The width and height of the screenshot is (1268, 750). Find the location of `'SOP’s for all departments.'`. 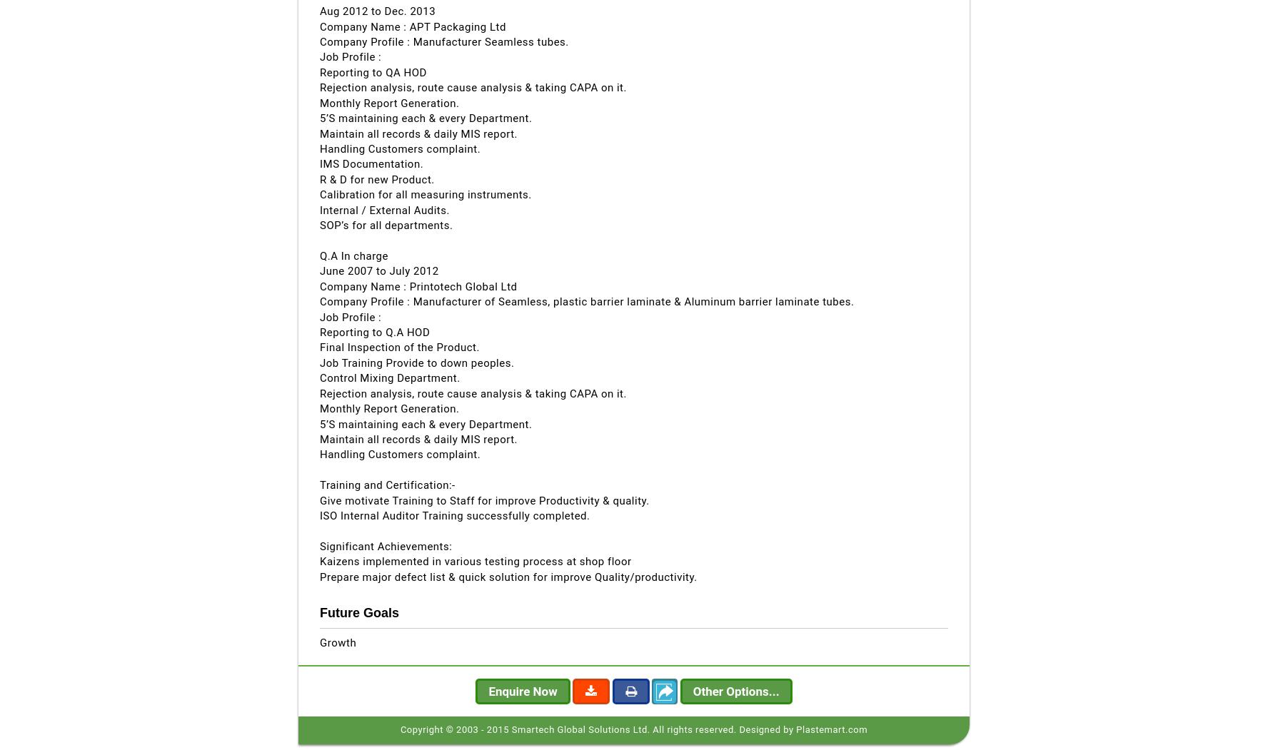

'SOP’s for all departments.' is located at coordinates (319, 225).